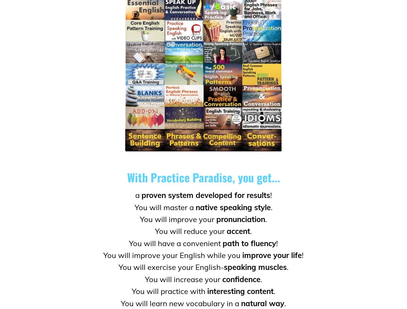 The width and height of the screenshot is (407, 309). Describe the element at coordinates (226, 231) in the screenshot. I see `'accent'` at that location.